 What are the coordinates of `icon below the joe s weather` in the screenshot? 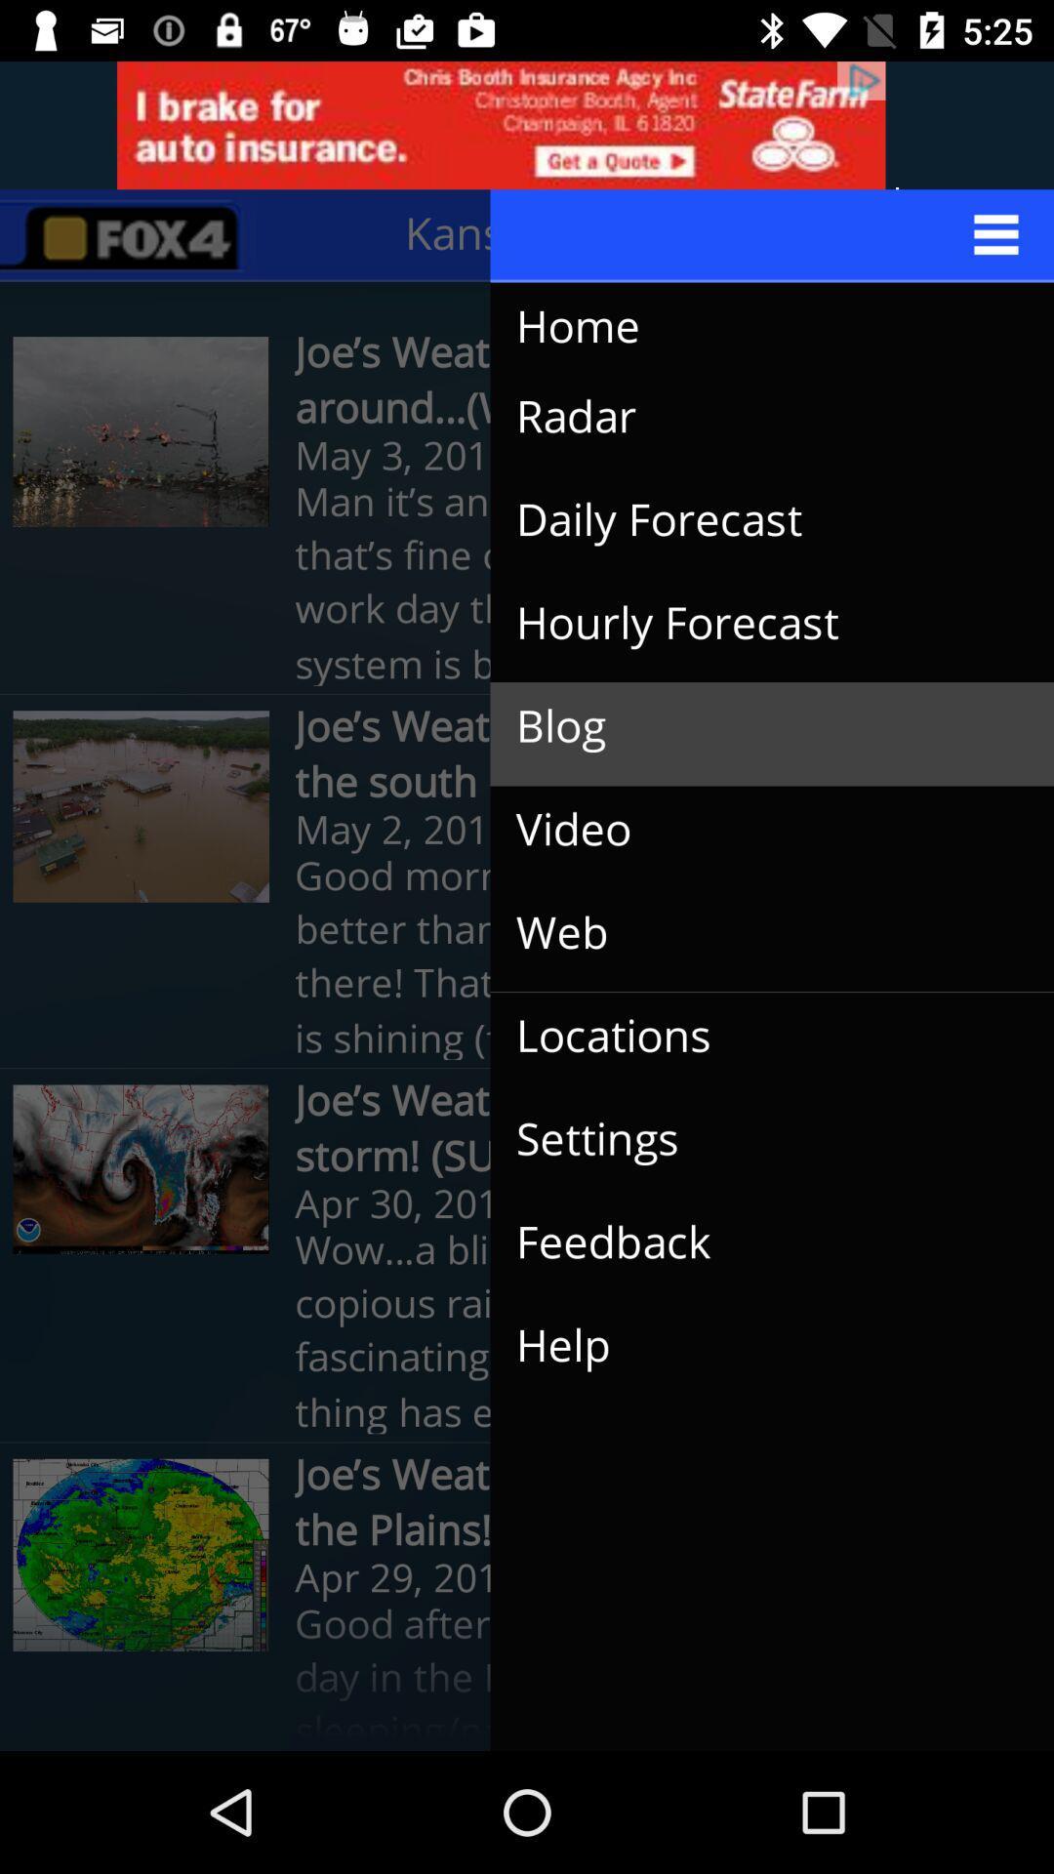 It's located at (755, 1242).